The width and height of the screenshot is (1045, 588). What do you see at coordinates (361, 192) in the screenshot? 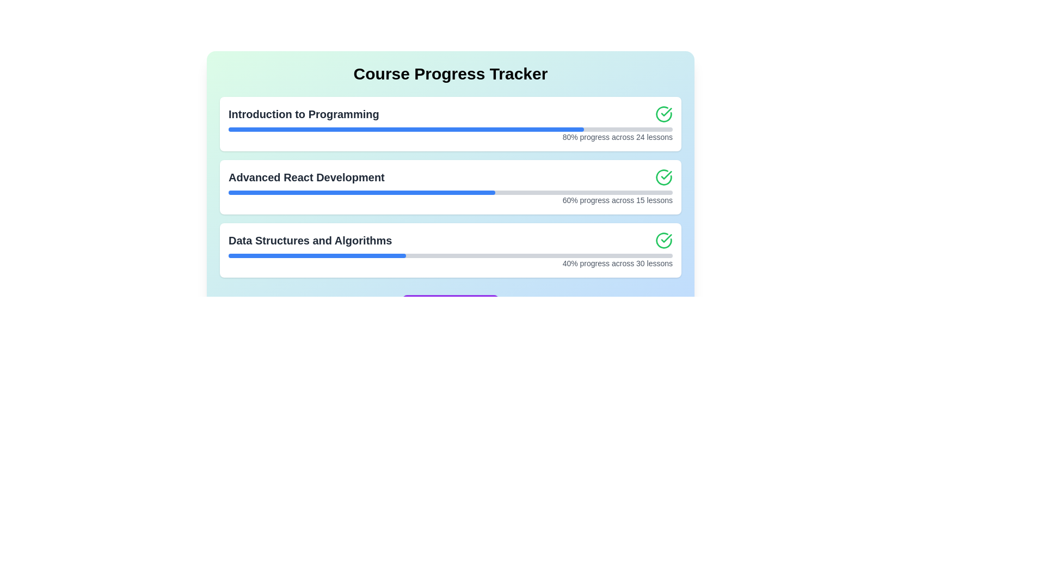
I see `the progress indicator of the 'Advanced React Development' course in the course tracker interface, which visually represents 60% completion within the gray progress bar` at bounding box center [361, 192].